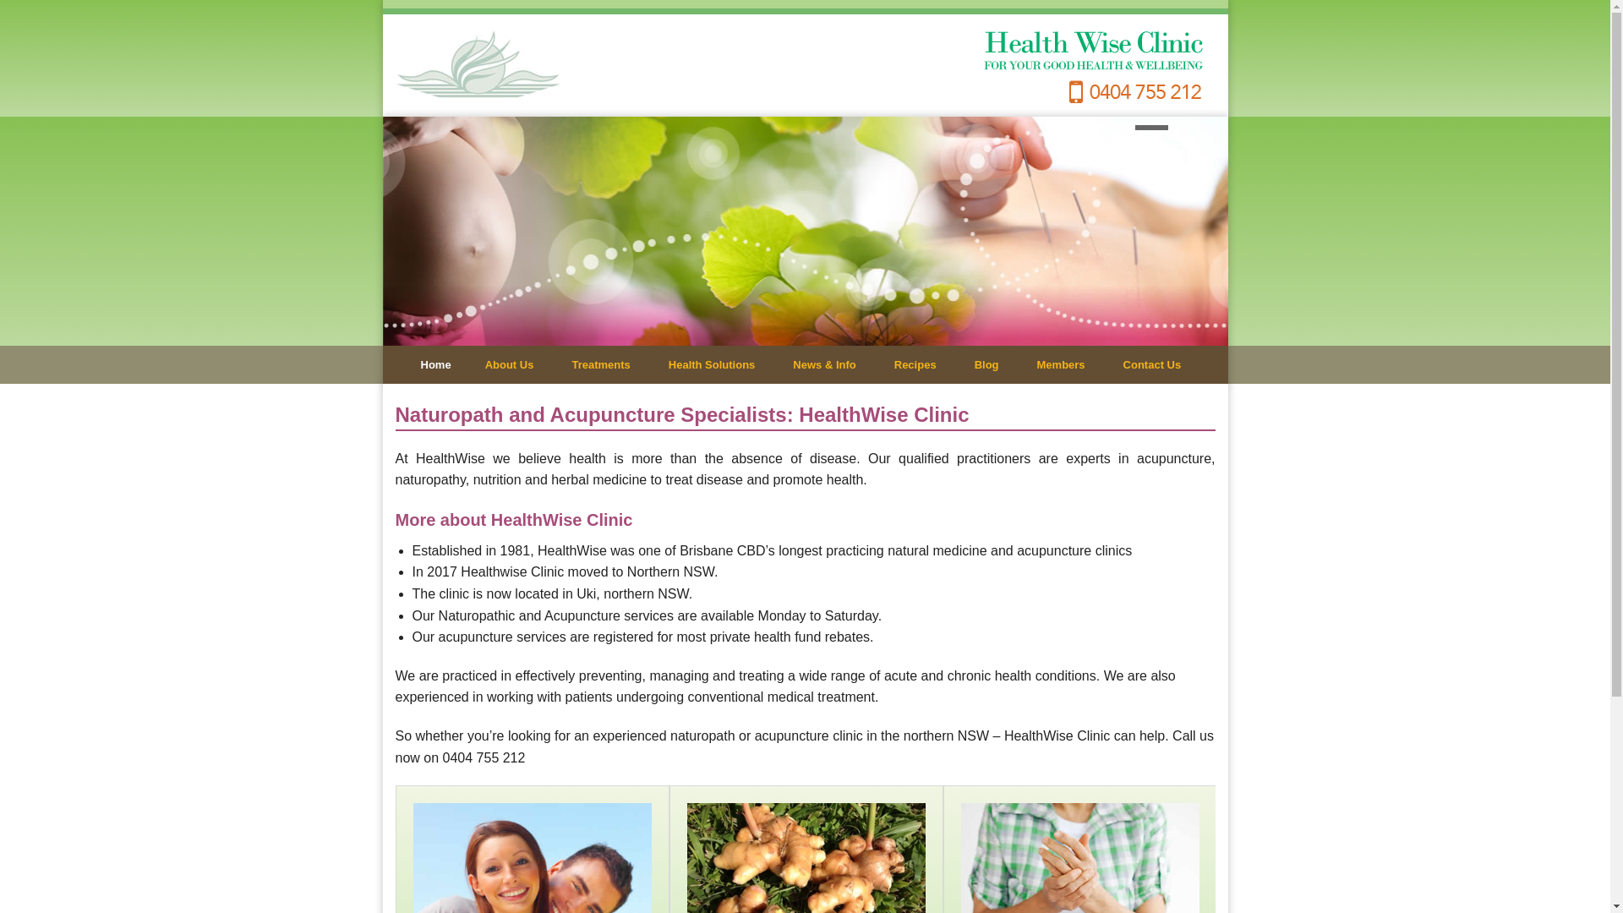 This screenshot has width=1623, height=913. I want to click on 'Contact Us', so click(1156, 364).